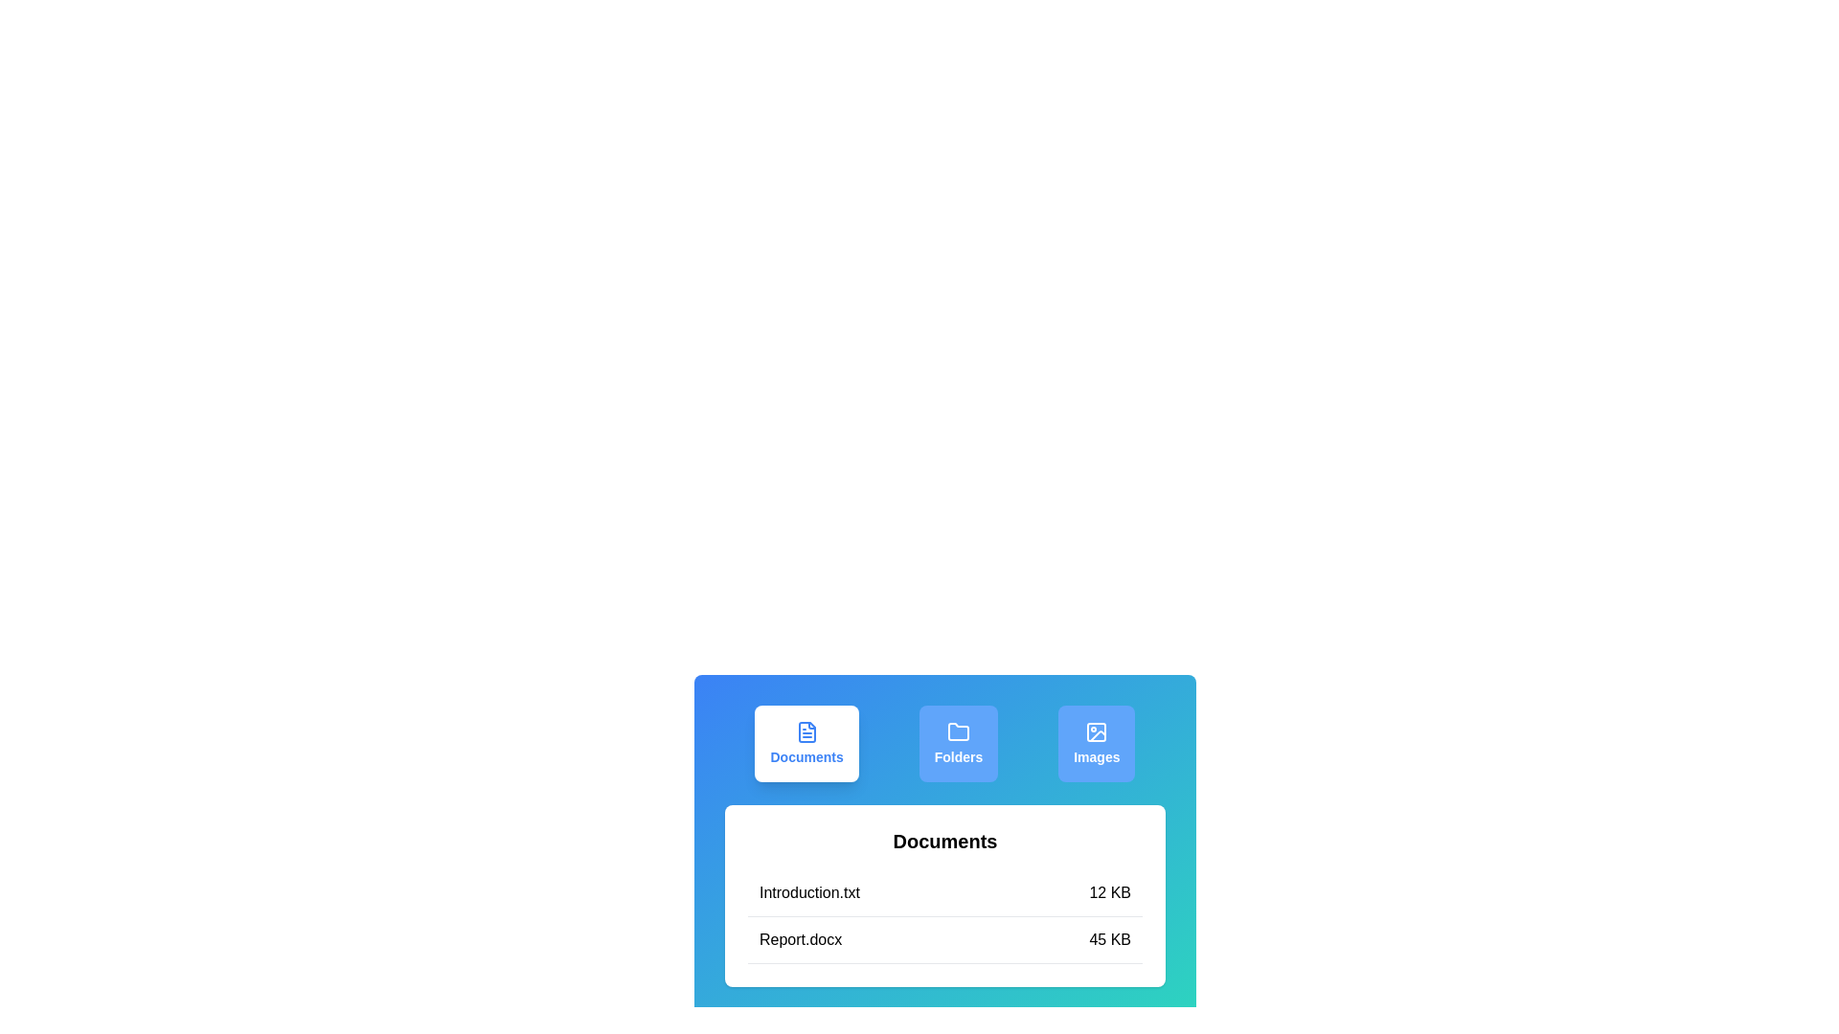 The image size is (1839, 1034). I want to click on the first button in a group of three, which has a white background, a blue document icon, and the text 'Documents' below it, so click(806, 742).